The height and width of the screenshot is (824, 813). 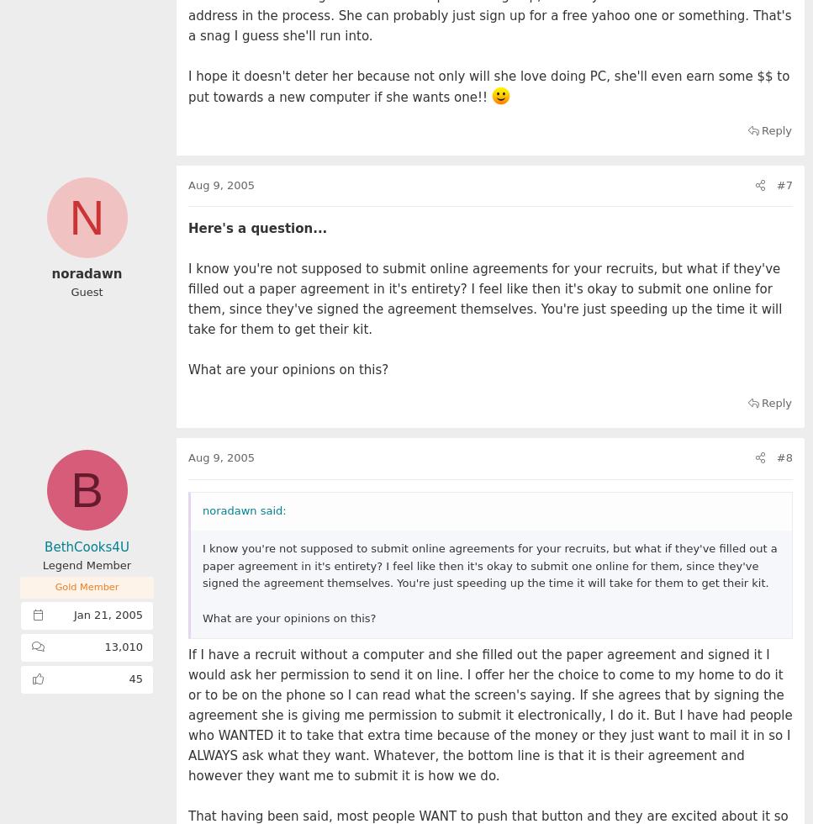 What do you see at coordinates (783, 457) in the screenshot?
I see `'#8'` at bounding box center [783, 457].